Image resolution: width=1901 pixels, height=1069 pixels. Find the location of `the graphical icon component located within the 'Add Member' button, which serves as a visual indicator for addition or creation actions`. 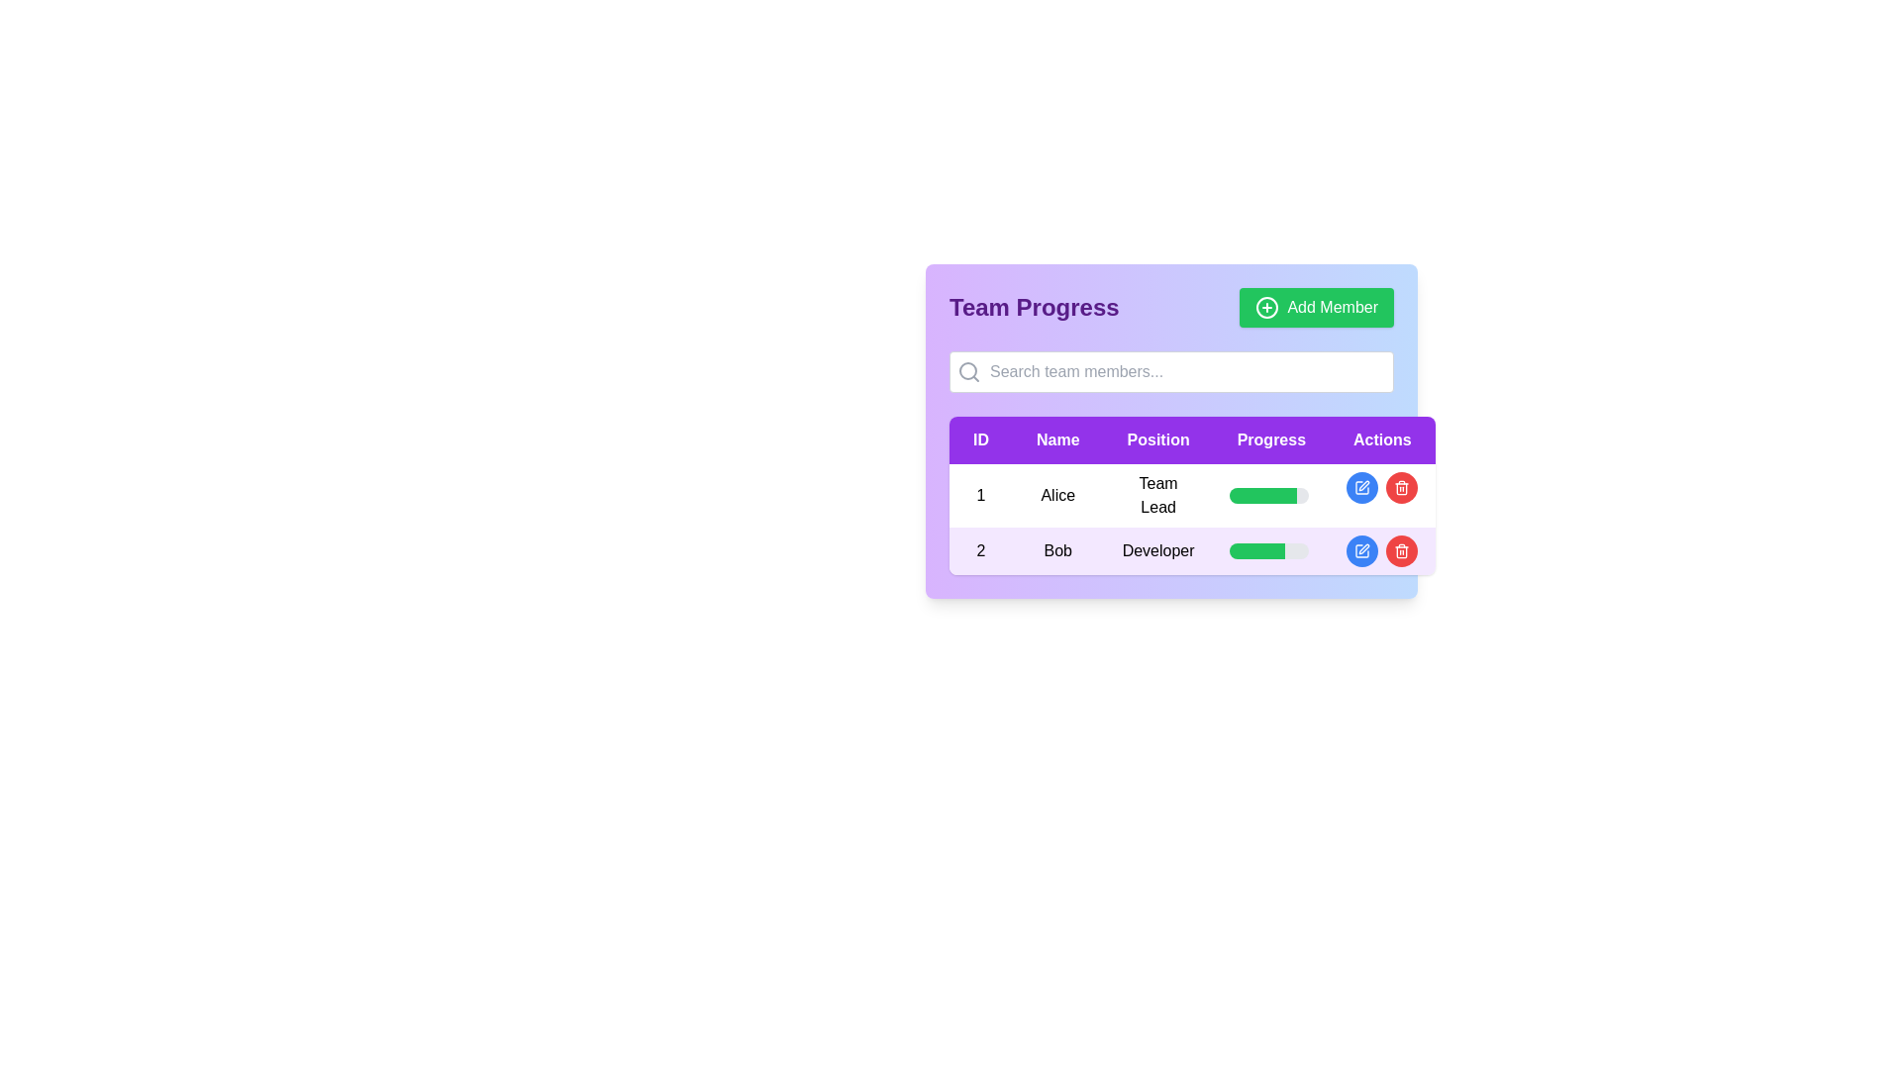

the graphical icon component located within the 'Add Member' button, which serves as a visual indicator for addition or creation actions is located at coordinates (1267, 308).